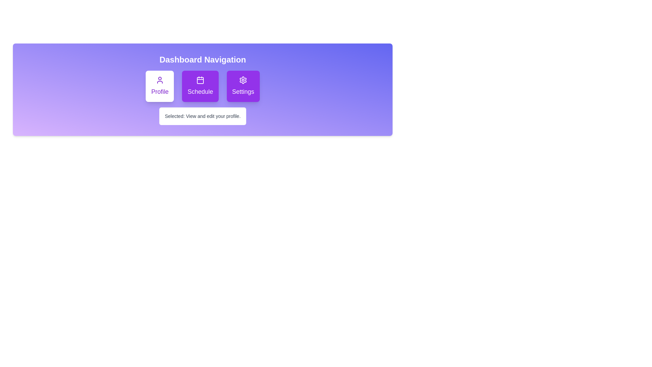  I want to click on the middle navigation button of the horizontally aligned group, so click(202, 86).